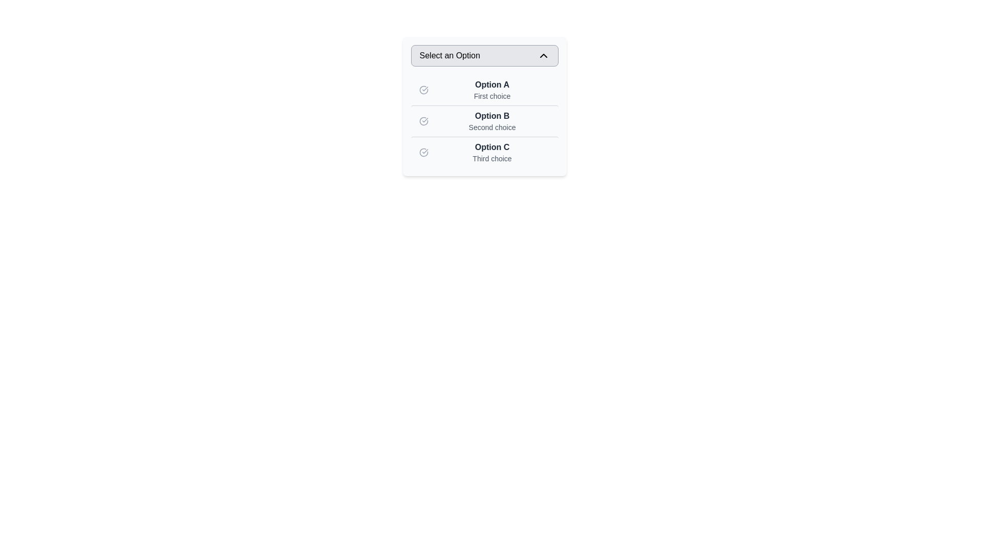 The image size is (983, 553). Describe the element at coordinates (492, 152) in the screenshot. I see `the list item titled 'Option C' with subtitle 'Third choice'` at that location.